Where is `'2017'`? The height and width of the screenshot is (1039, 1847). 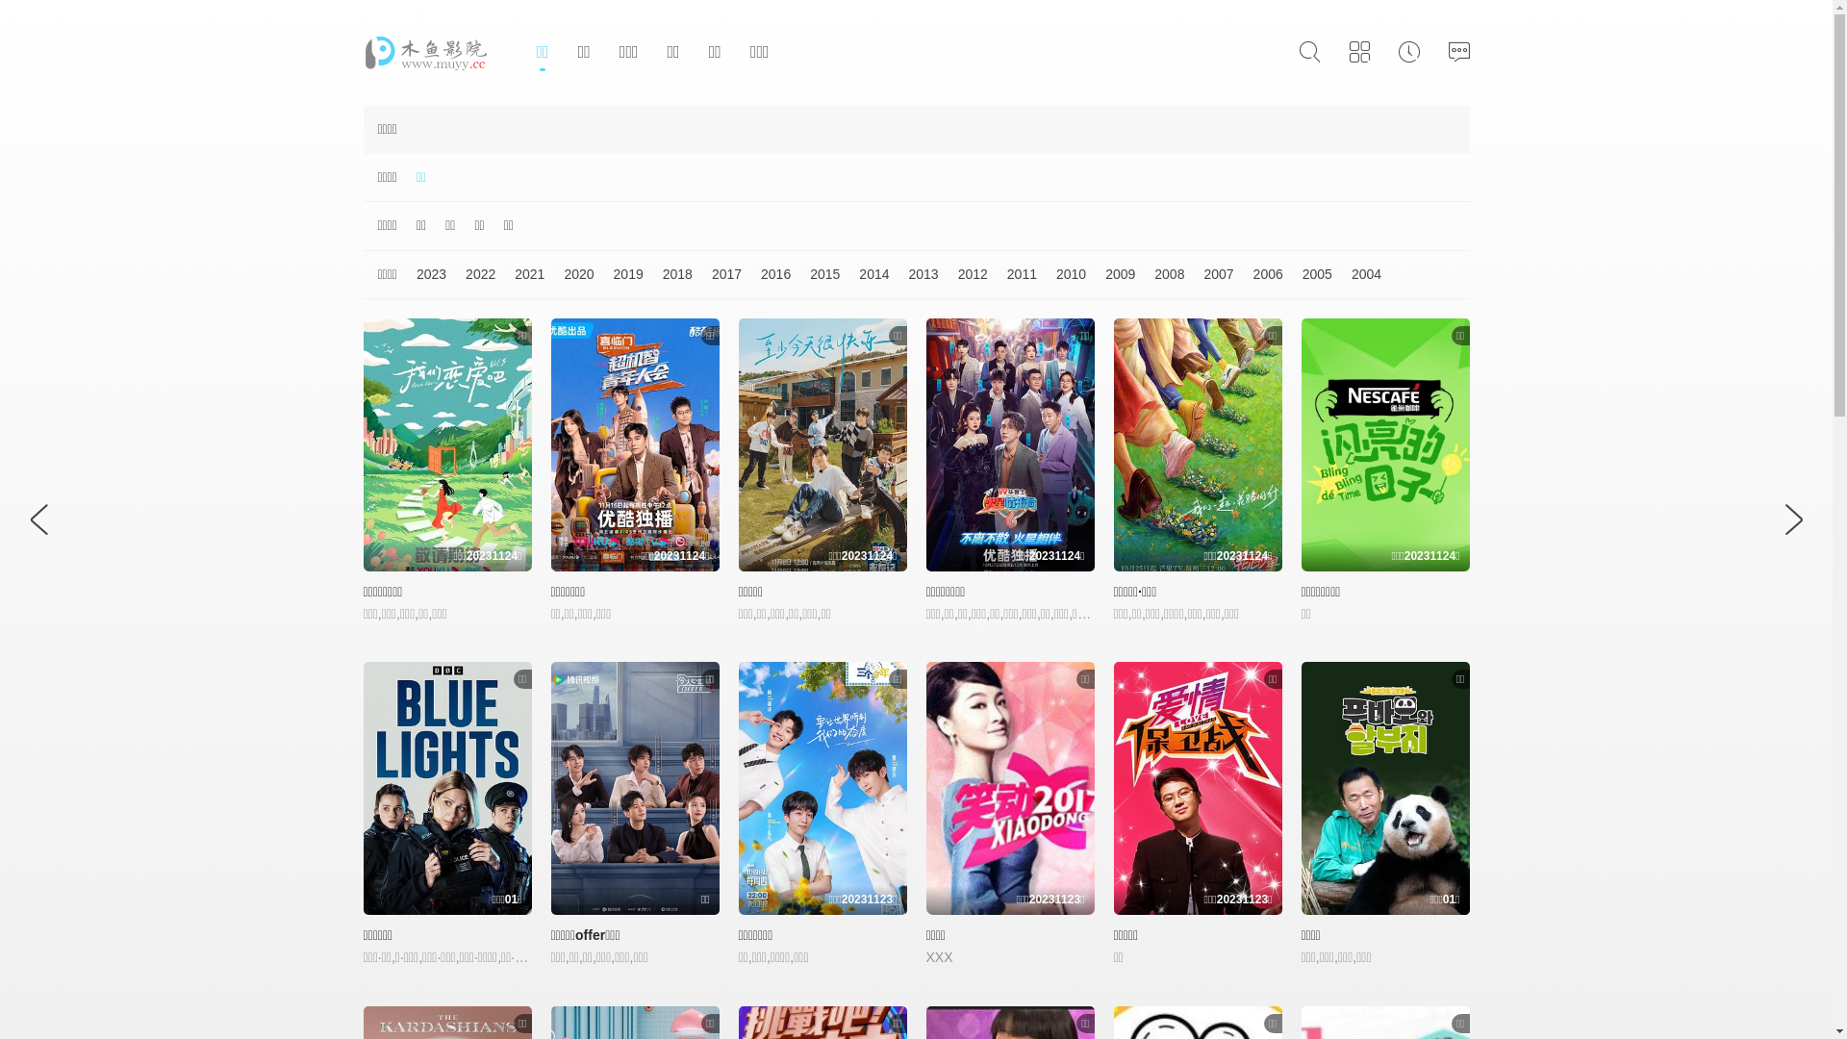 '2017' is located at coordinates (716, 274).